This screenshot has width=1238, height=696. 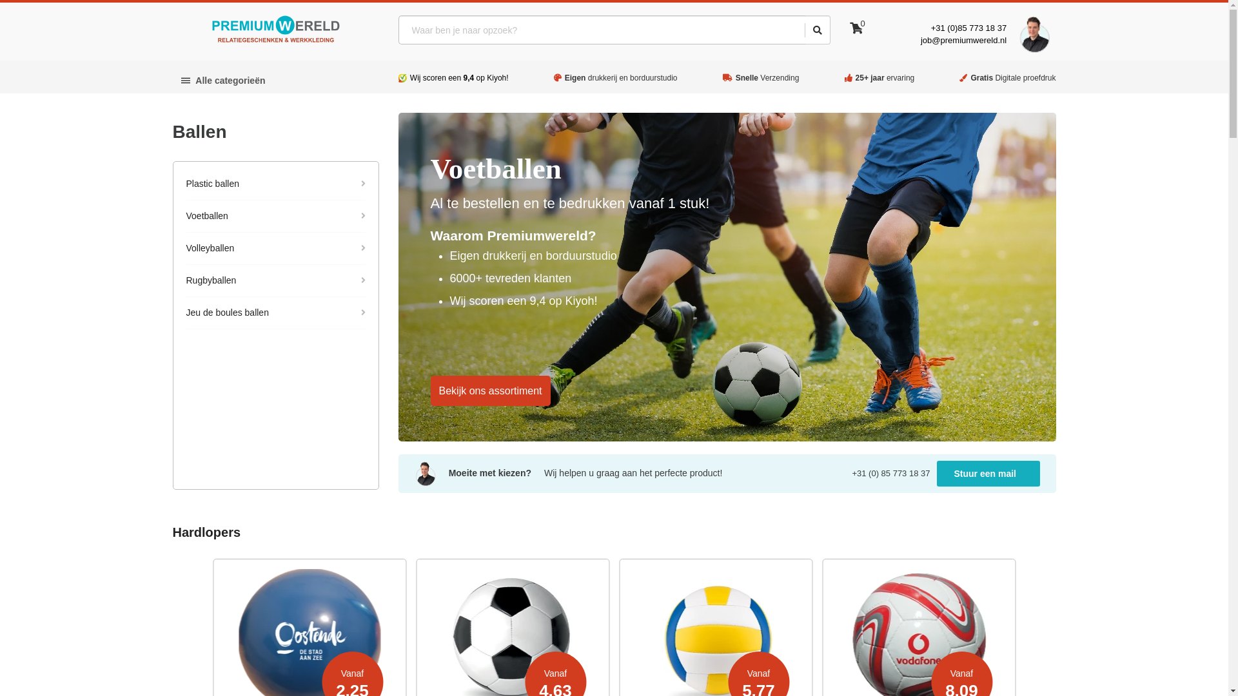 I want to click on 'Bekijk ons assortiment', so click(x=490, y=390).